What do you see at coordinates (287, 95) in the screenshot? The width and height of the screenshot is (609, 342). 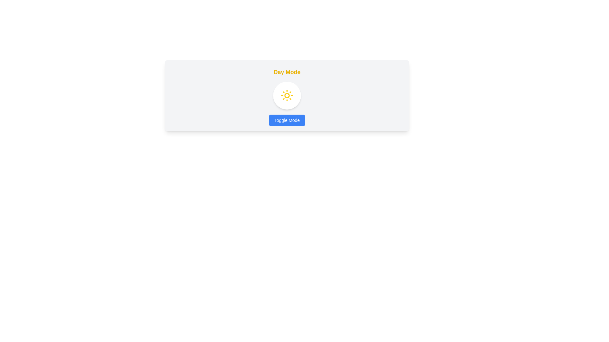 I see `the 'Toggle Mode' button in the 'Day Mode' composite UI element` at bounding box center [287, 95].